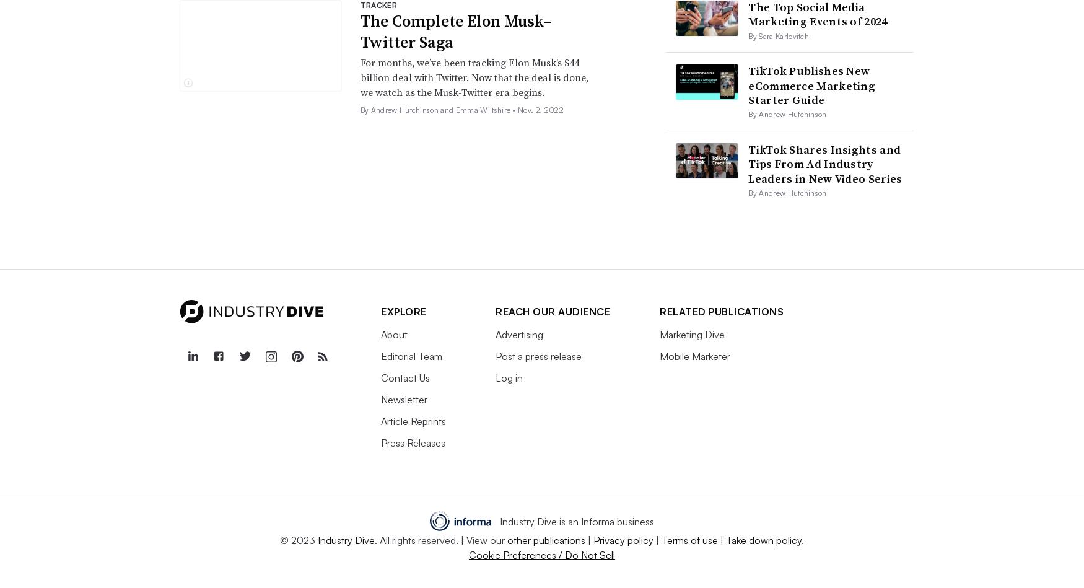  Describe the element at coordinates (575, 520) in the screenshot. I see `'Industry Dive is an Informa business'` at that location.